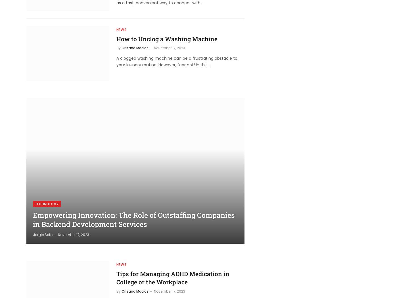 This screenshot has height=298, width=393. What do you see at coordinates (176, 61) in the screenshot?
I see `'A clogged washing machine can be a frustrating obstacle to your laundry routine. However, fear not! In this…'` at bounding box center [176, 61].